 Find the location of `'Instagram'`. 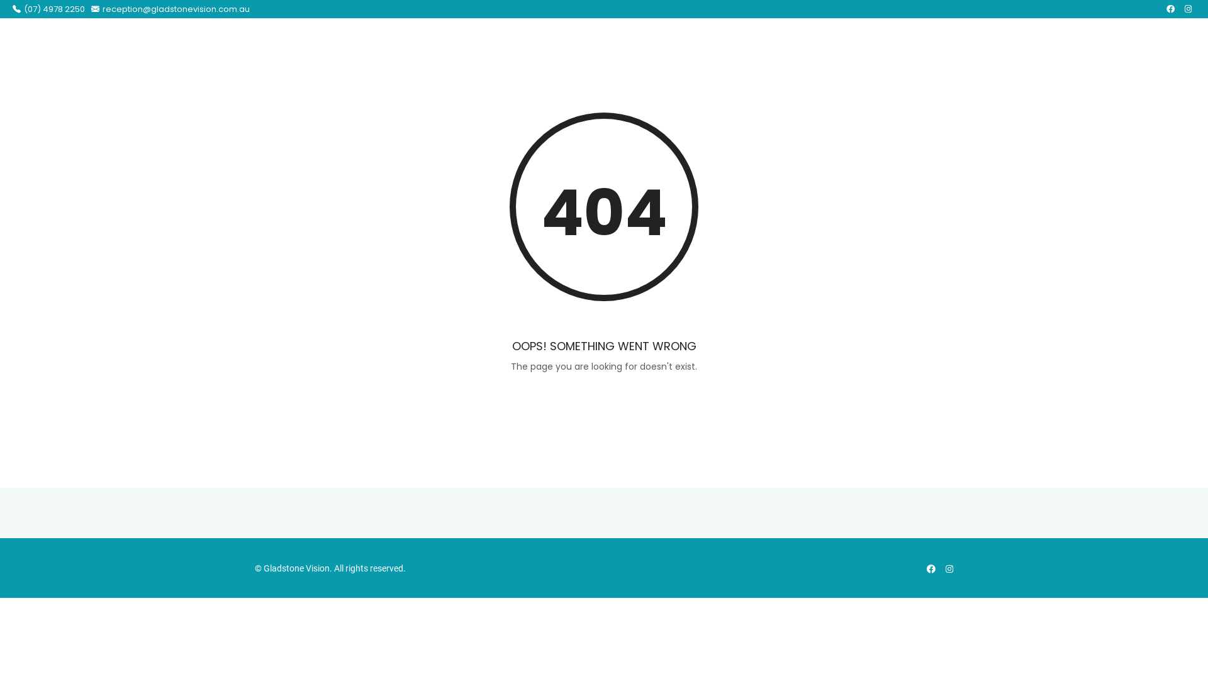

'Instagram' is located at coordinates (1187, 9).